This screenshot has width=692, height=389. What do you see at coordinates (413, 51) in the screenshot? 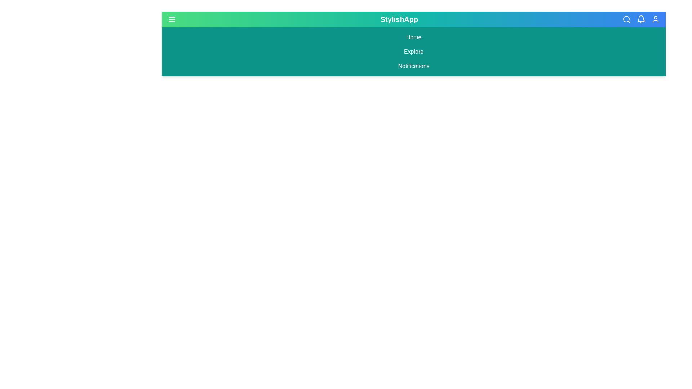
I see `the navigation link Explore` at bounding box center [413, 51].